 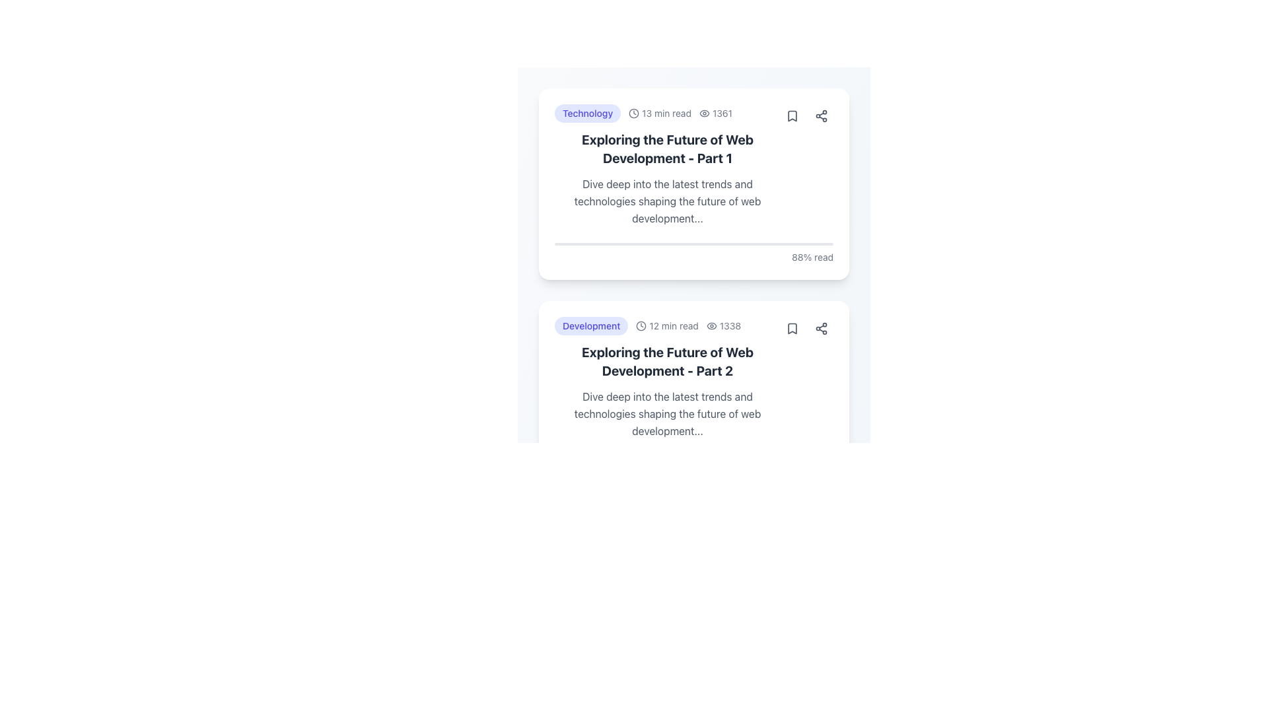 I want to click on the Text label that communicates the progress or completion percentage of reading the associated article, located at the bottom-right corner of the article summary card, so click(x=693, y=679).